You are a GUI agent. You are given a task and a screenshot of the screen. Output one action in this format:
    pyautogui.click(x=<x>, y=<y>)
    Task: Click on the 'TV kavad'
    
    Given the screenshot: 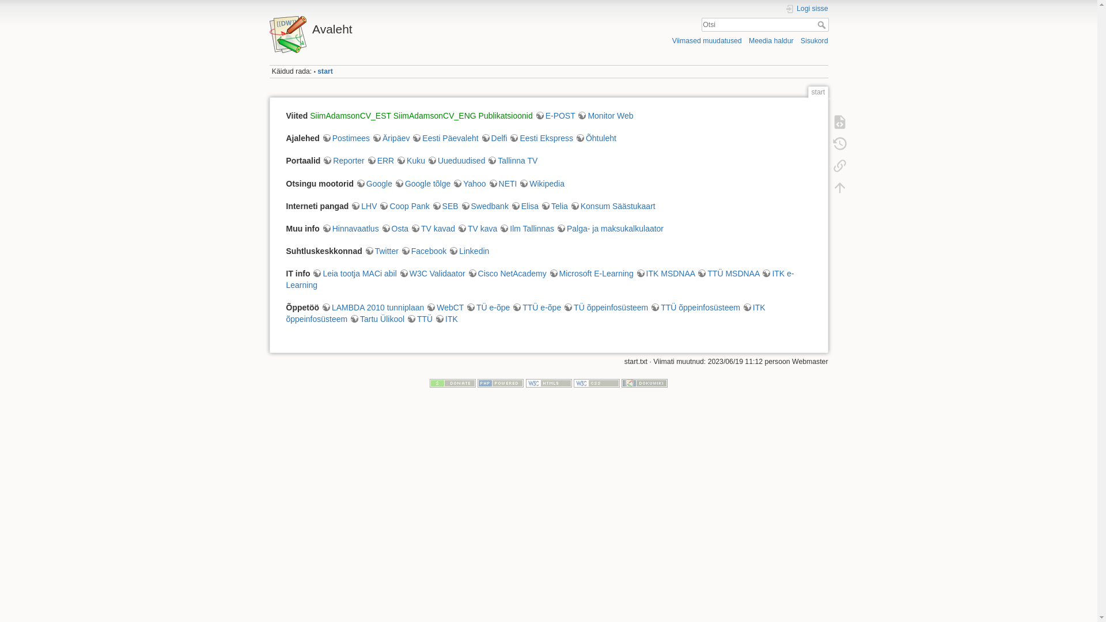 What is the action you would take?
    pyautogui.click(x=432, y=229)
    